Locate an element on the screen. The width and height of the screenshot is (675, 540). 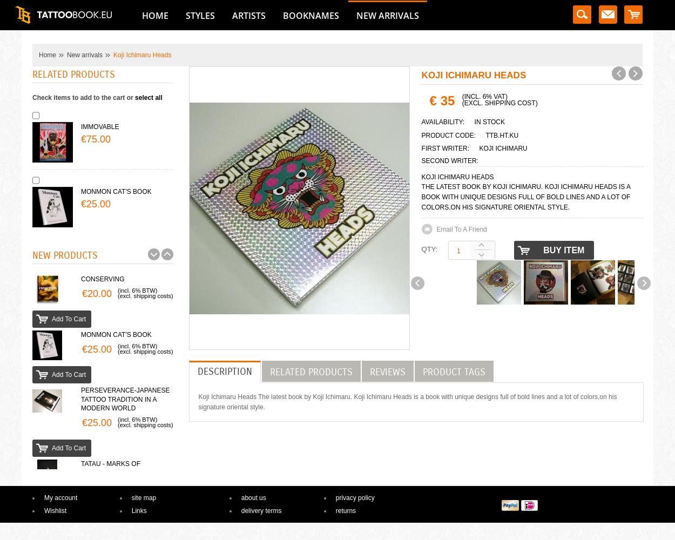
'CONSERVING' is located at coordinates (102, 279).